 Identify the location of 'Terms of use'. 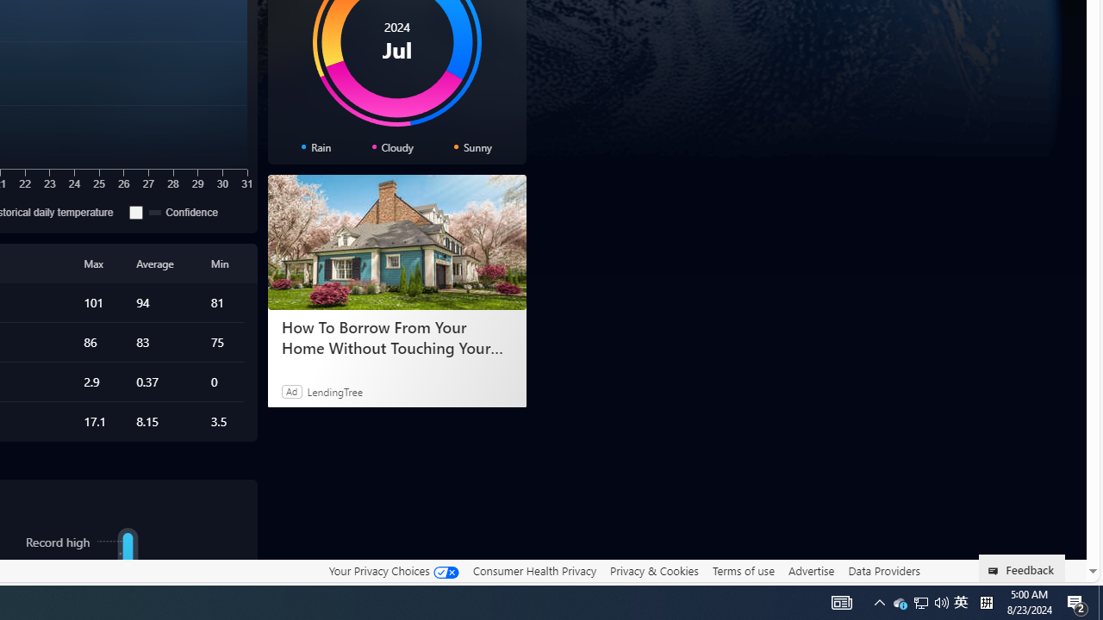
(743, 570).